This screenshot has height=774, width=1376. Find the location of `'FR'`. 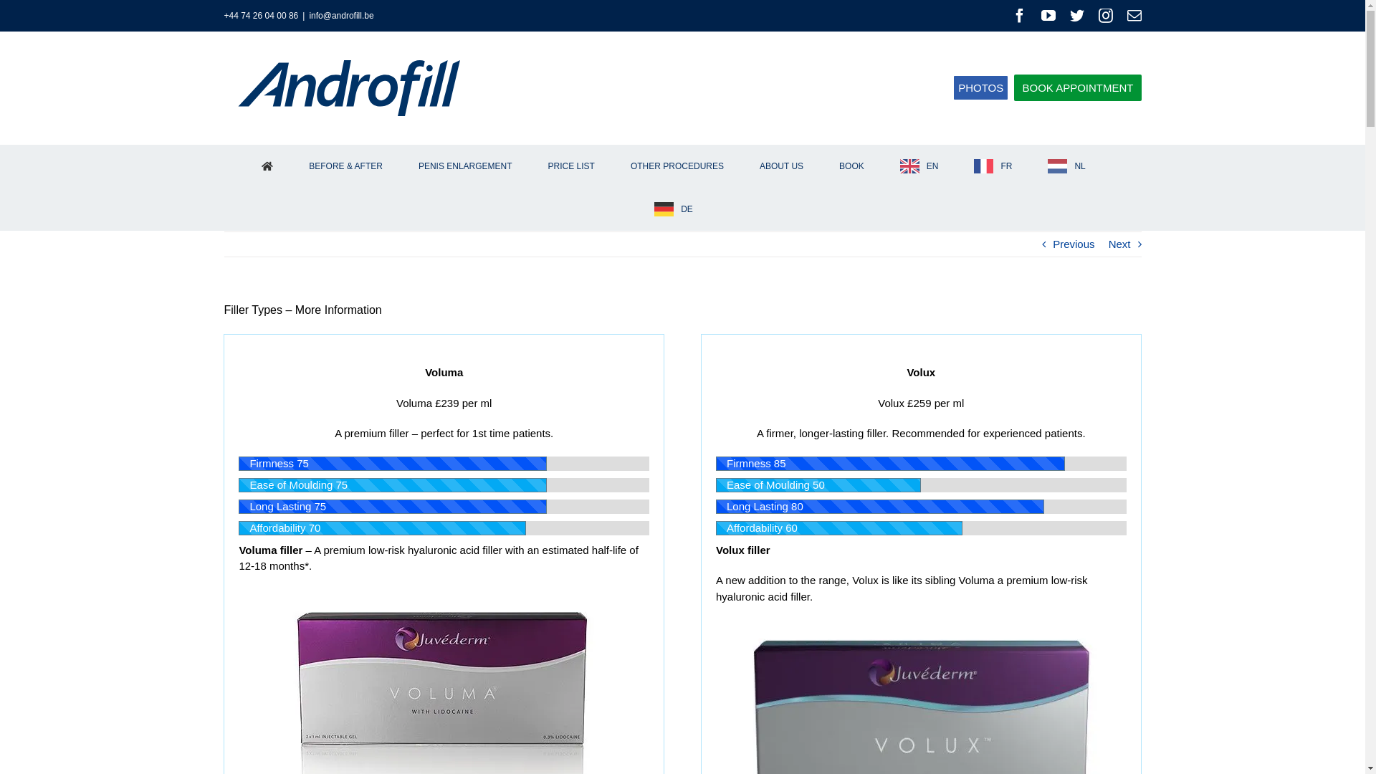

'FR' is located at coordinates (965, 165).